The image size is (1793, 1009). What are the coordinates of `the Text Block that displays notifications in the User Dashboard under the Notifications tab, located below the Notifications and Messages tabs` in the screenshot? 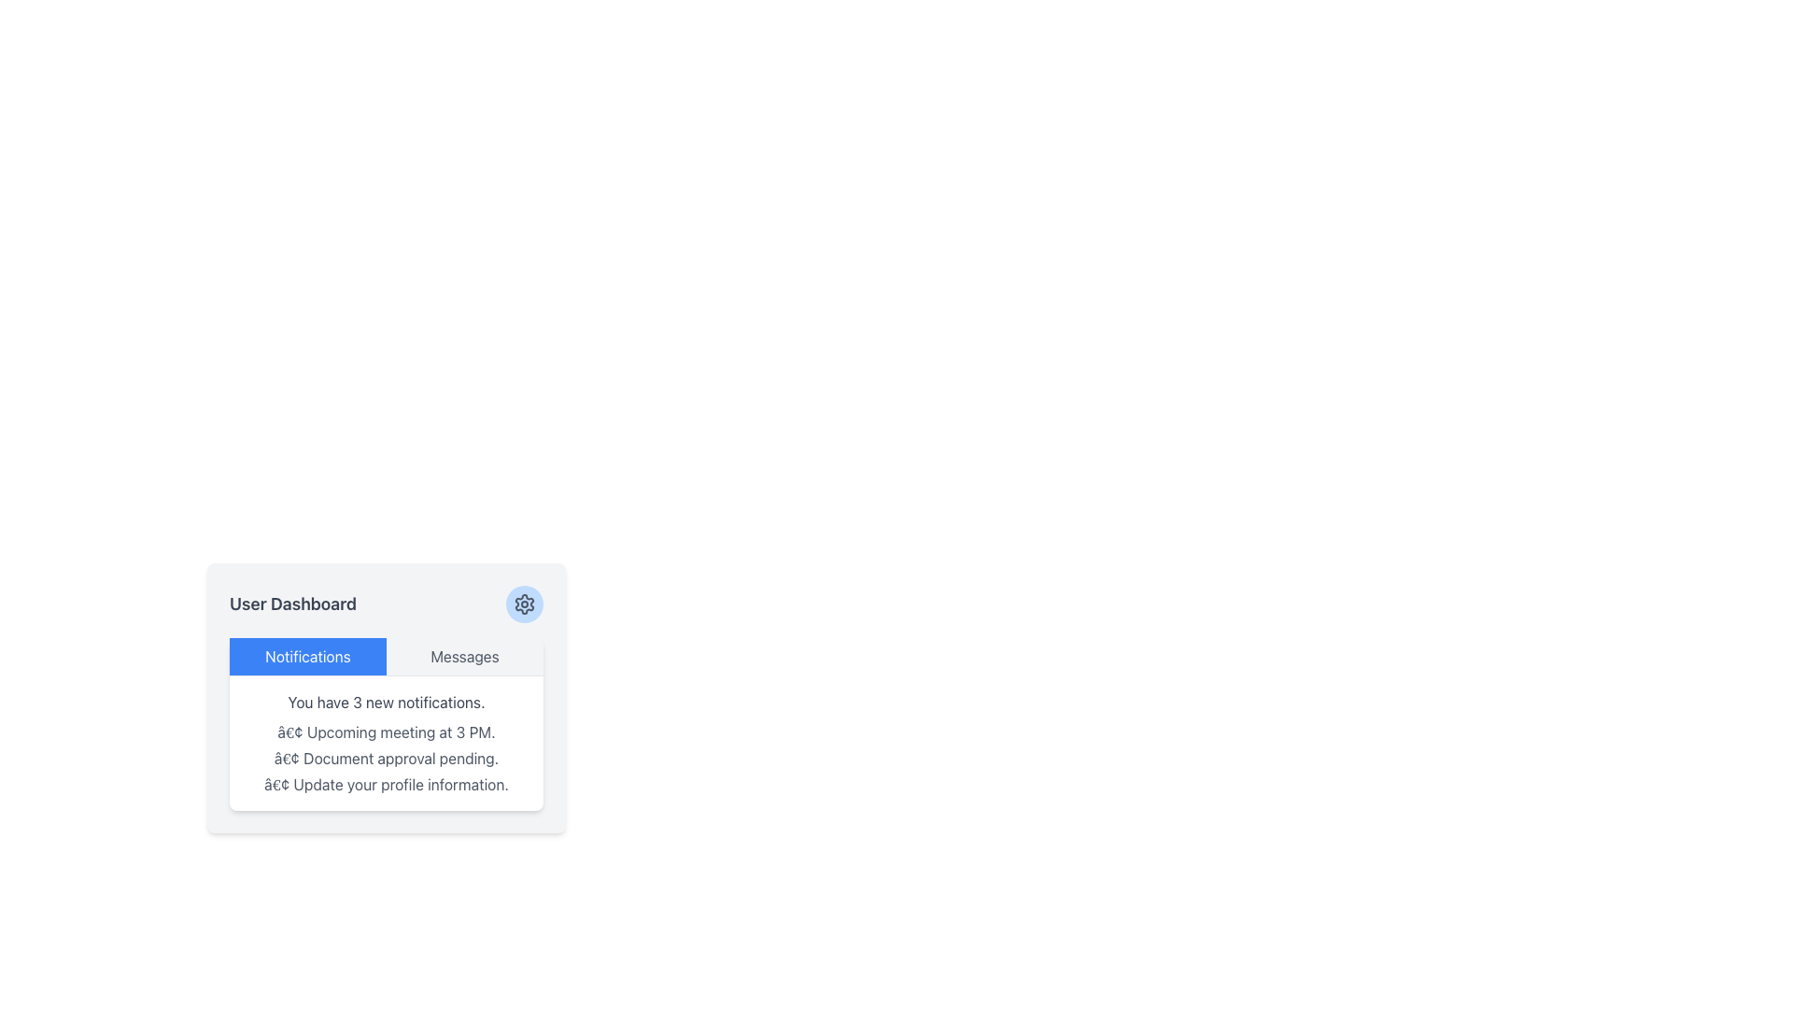 It's located at (385, 742).